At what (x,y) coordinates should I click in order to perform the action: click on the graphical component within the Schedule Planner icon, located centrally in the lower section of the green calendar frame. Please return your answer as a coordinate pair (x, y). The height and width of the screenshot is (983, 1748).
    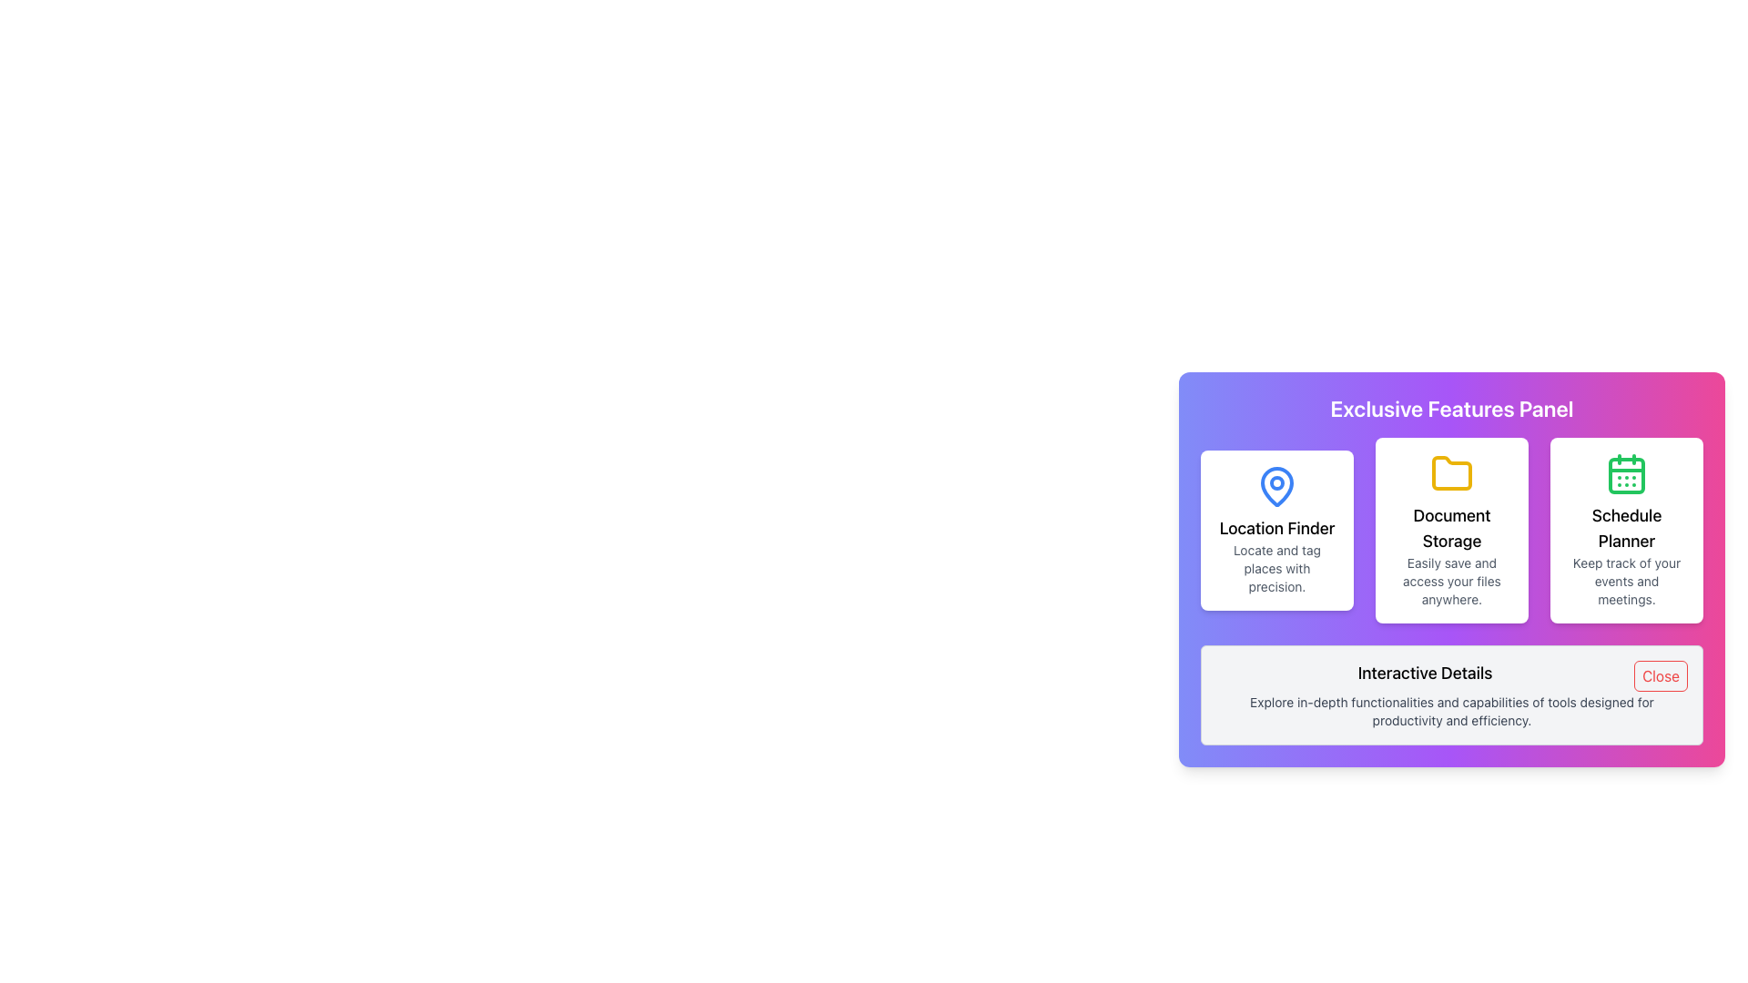
    Looking at the image, I should click on (1626, 475).